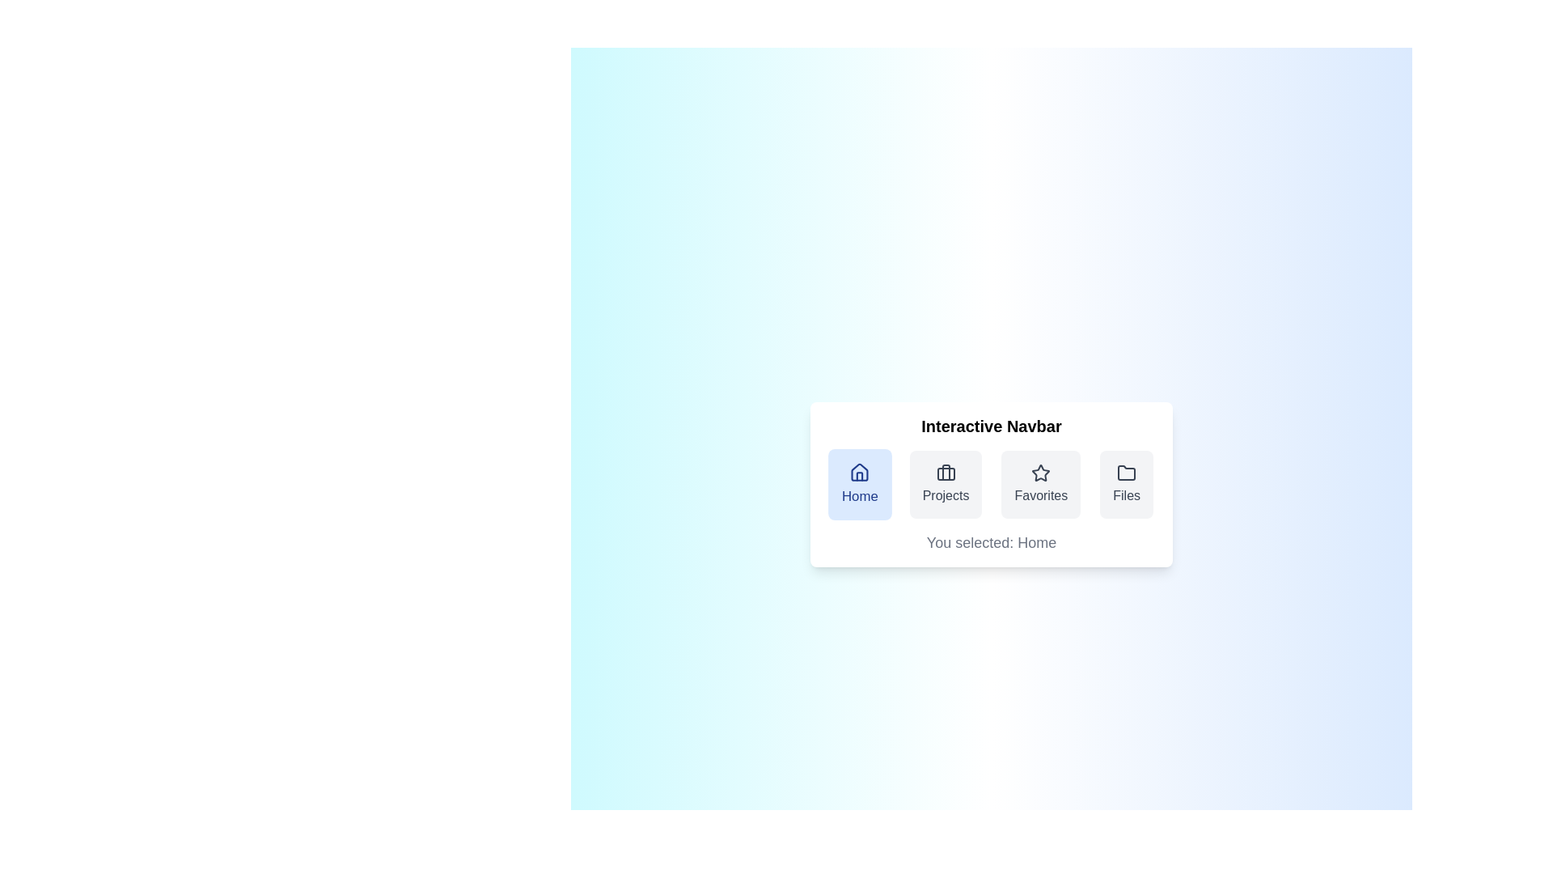 This screenshot has width=1553, height=874. What do you see at coordinates (859, 483) in the screenshot?
I see `the navigation item Home to observe the visual feedback` at bounding box center [859, 483].